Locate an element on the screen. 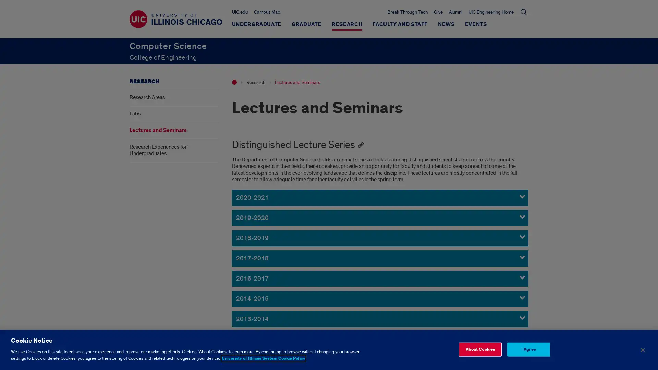 This screenshot has width=658, height=370. 2018-2019 is located at coordinates (379, 237).